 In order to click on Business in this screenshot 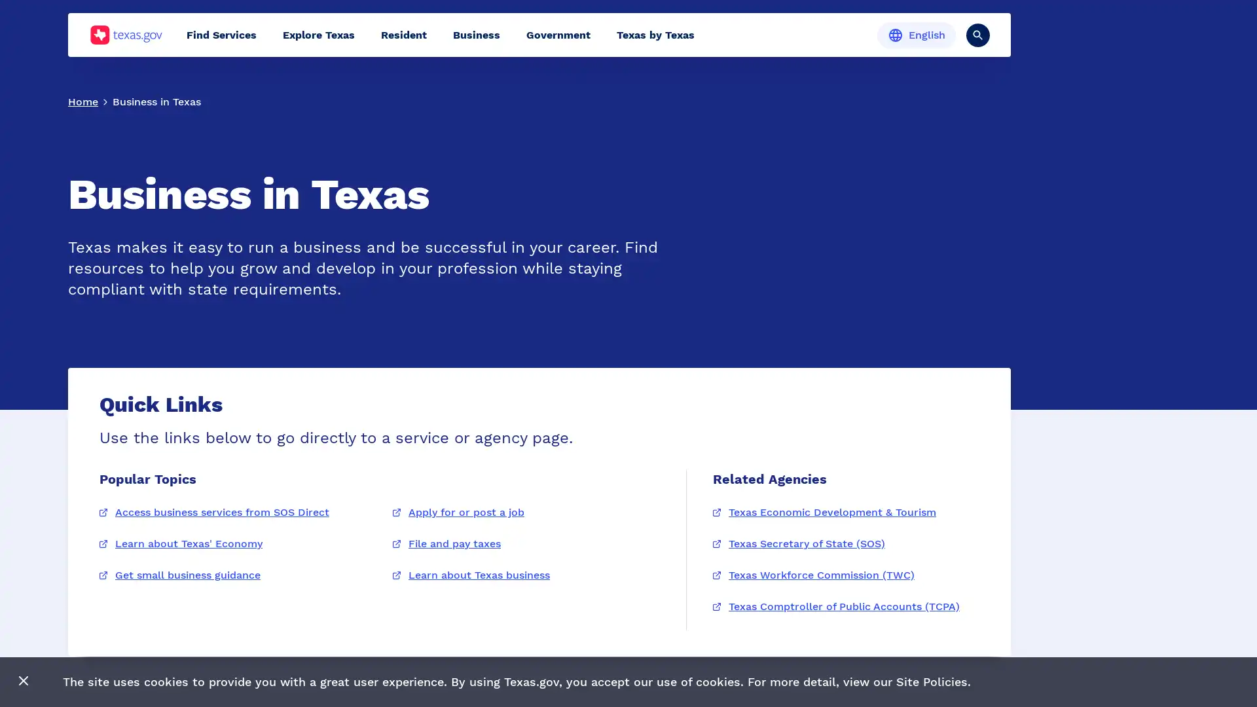, I will do `click(476, 34)`.